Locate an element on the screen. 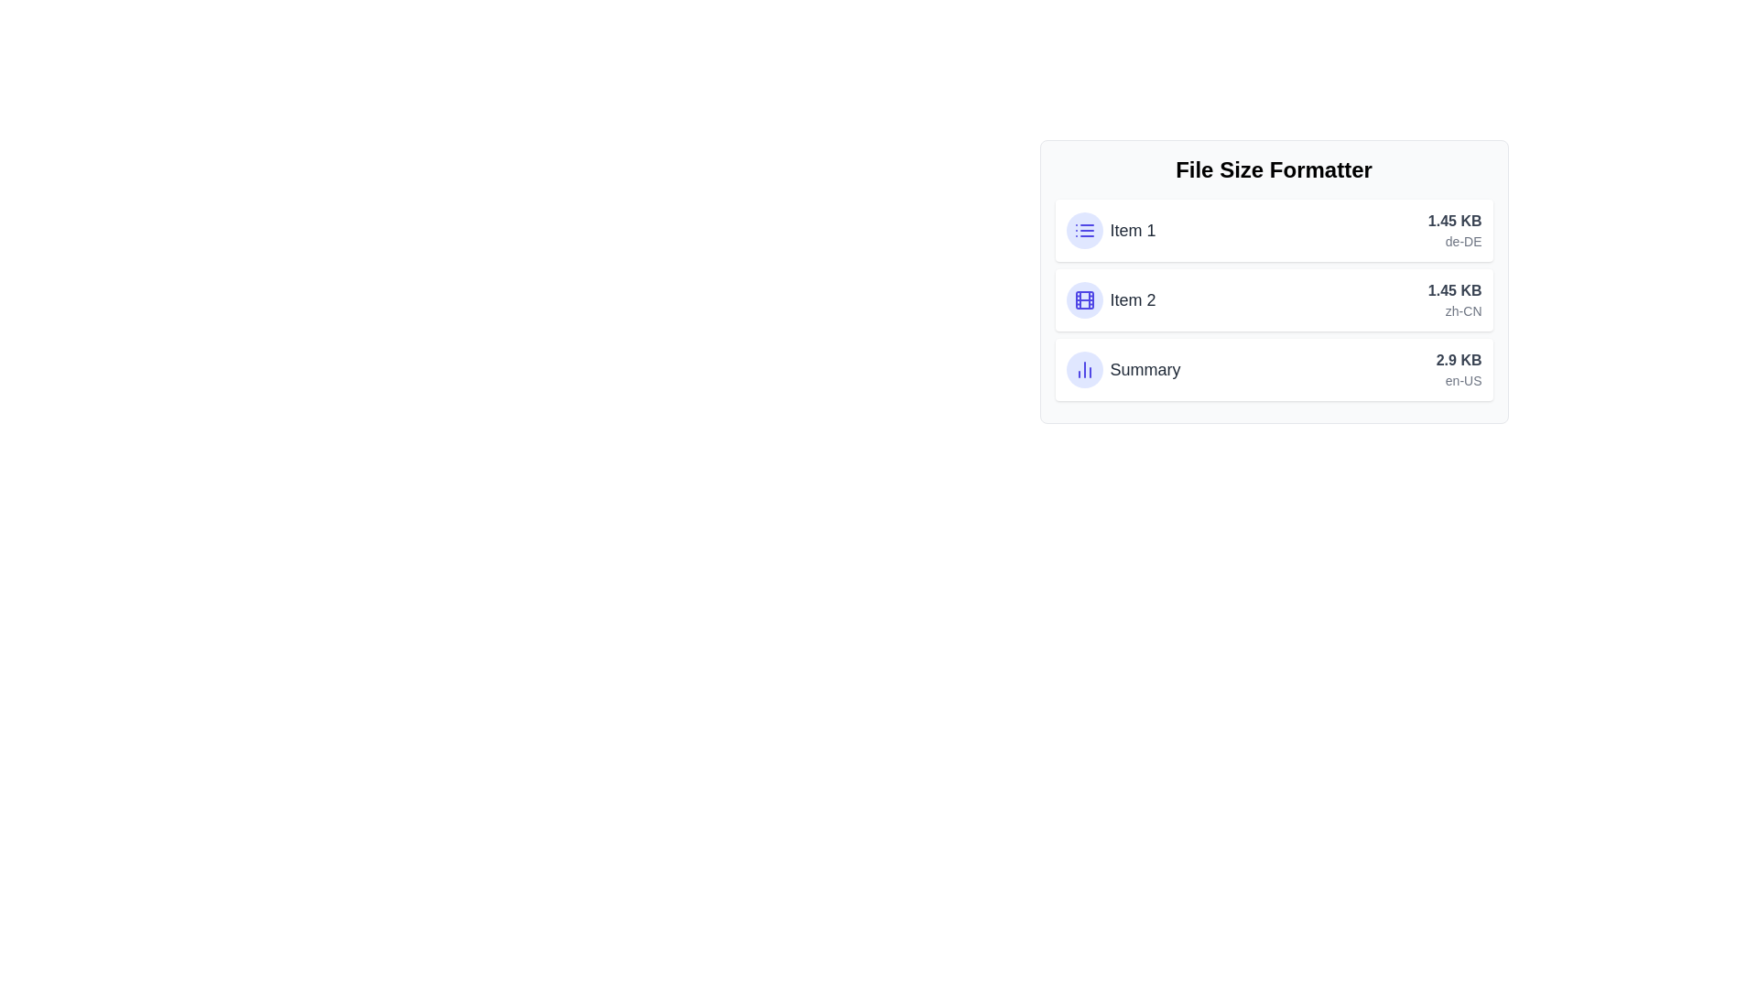  the static text label that indicates the file size for 'Item 1', located in the upper-right corner of the 'File Size Formatter' section is located at coordinates (1454, 221).